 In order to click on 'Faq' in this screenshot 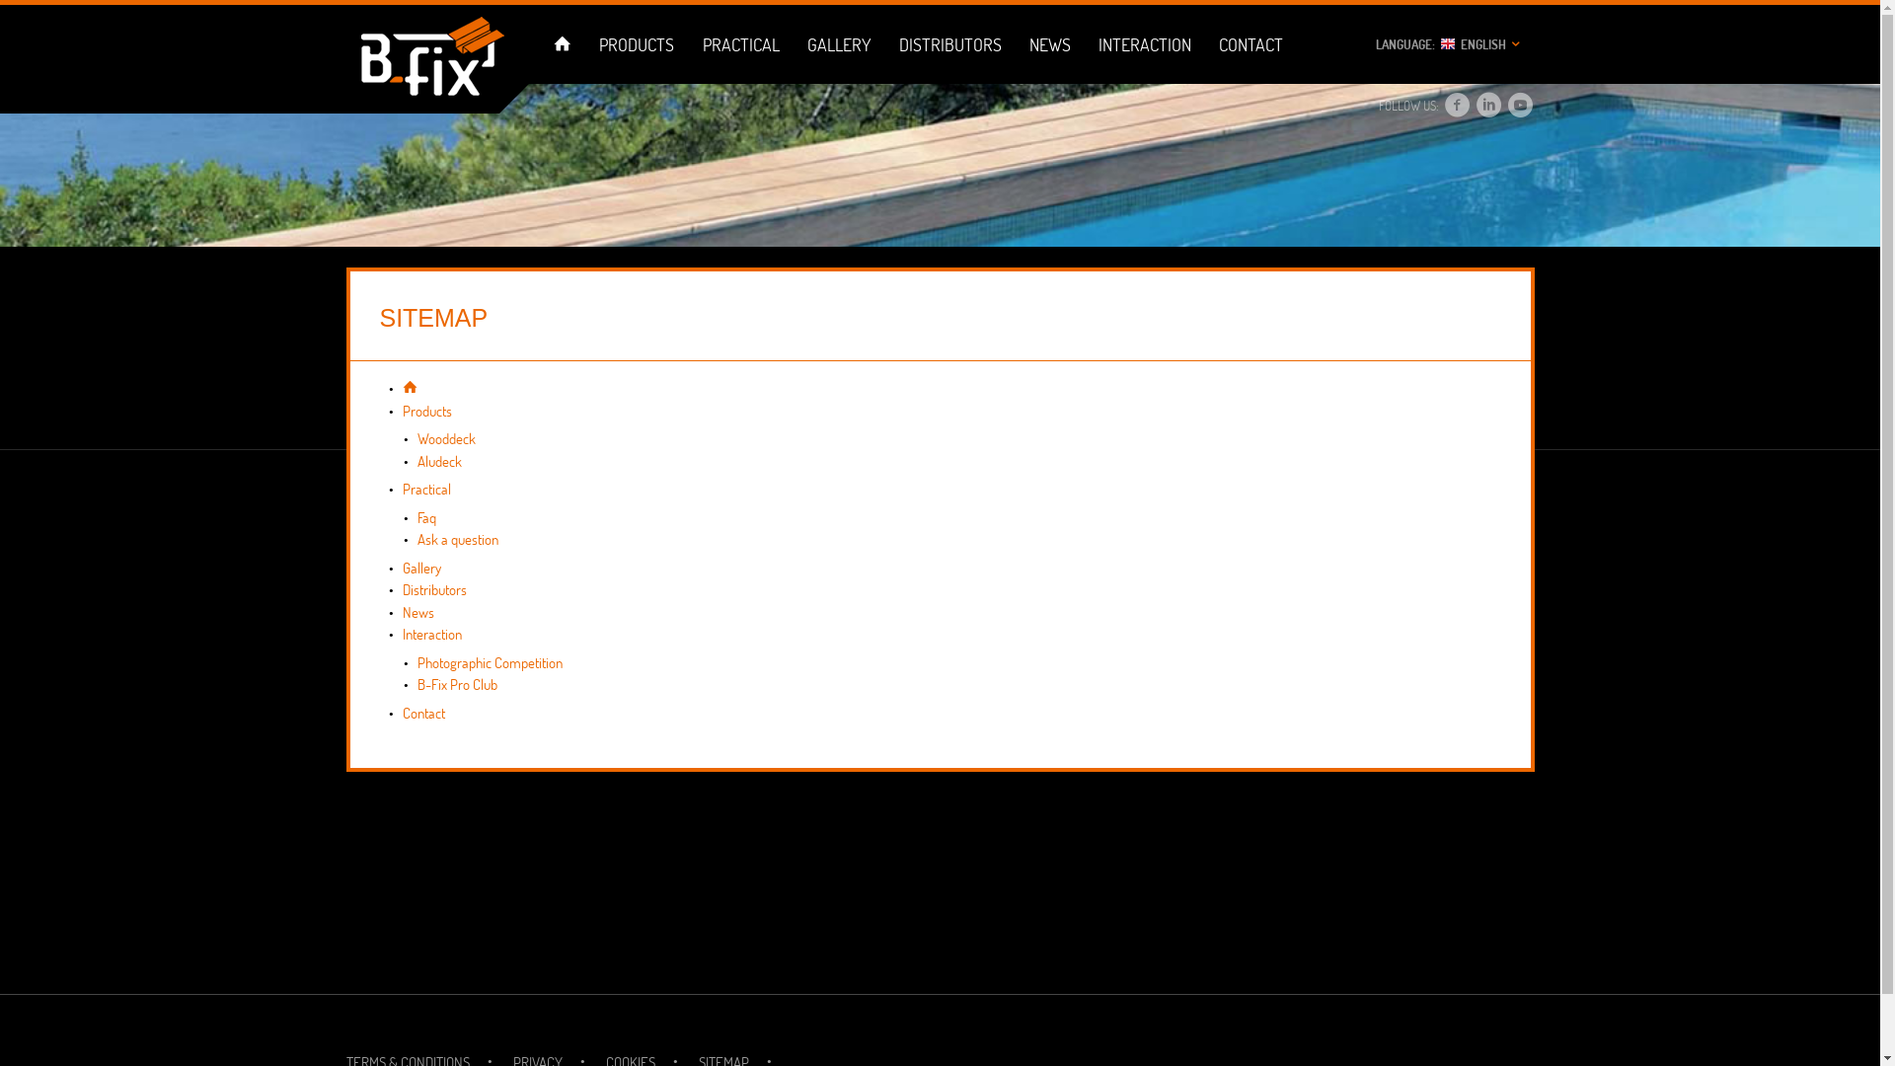, I will do `click(424, 516)`.